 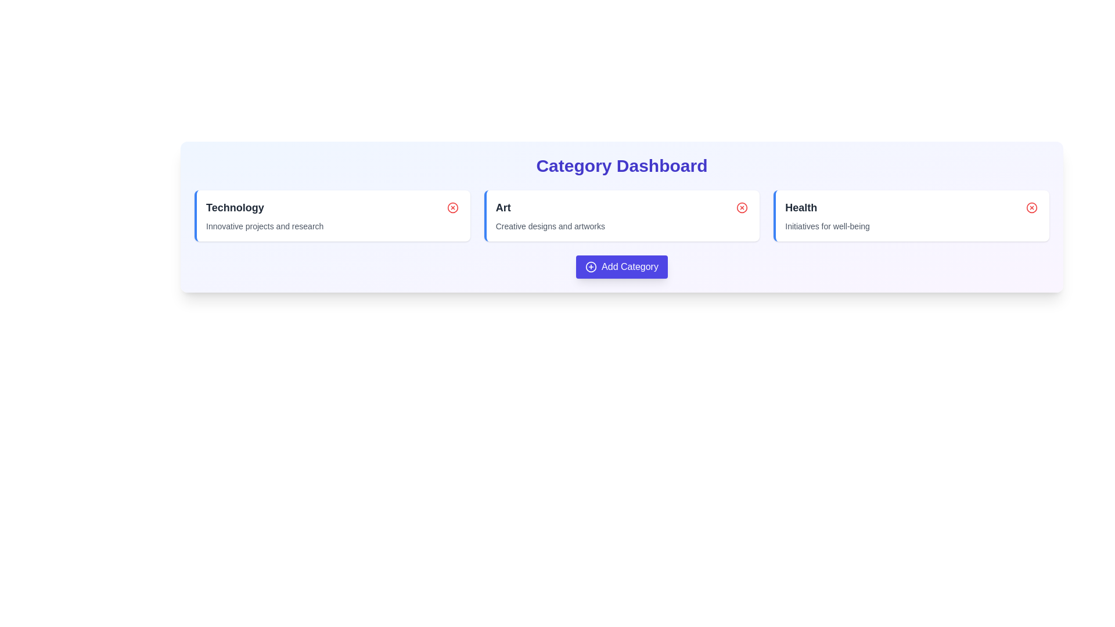 What do you see at coordinates (591, 266) in the screenshot?
I see `the circular base of the 'Add Category' button icon, which visually supports the add functionality and is centered in the middle of the page layout` at bounding box center [591, 266].